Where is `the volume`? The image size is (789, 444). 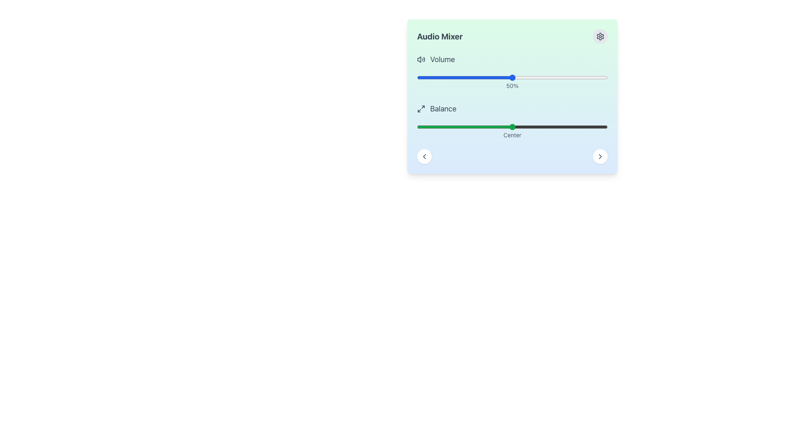 the volume is located at coordinates (550, 78).